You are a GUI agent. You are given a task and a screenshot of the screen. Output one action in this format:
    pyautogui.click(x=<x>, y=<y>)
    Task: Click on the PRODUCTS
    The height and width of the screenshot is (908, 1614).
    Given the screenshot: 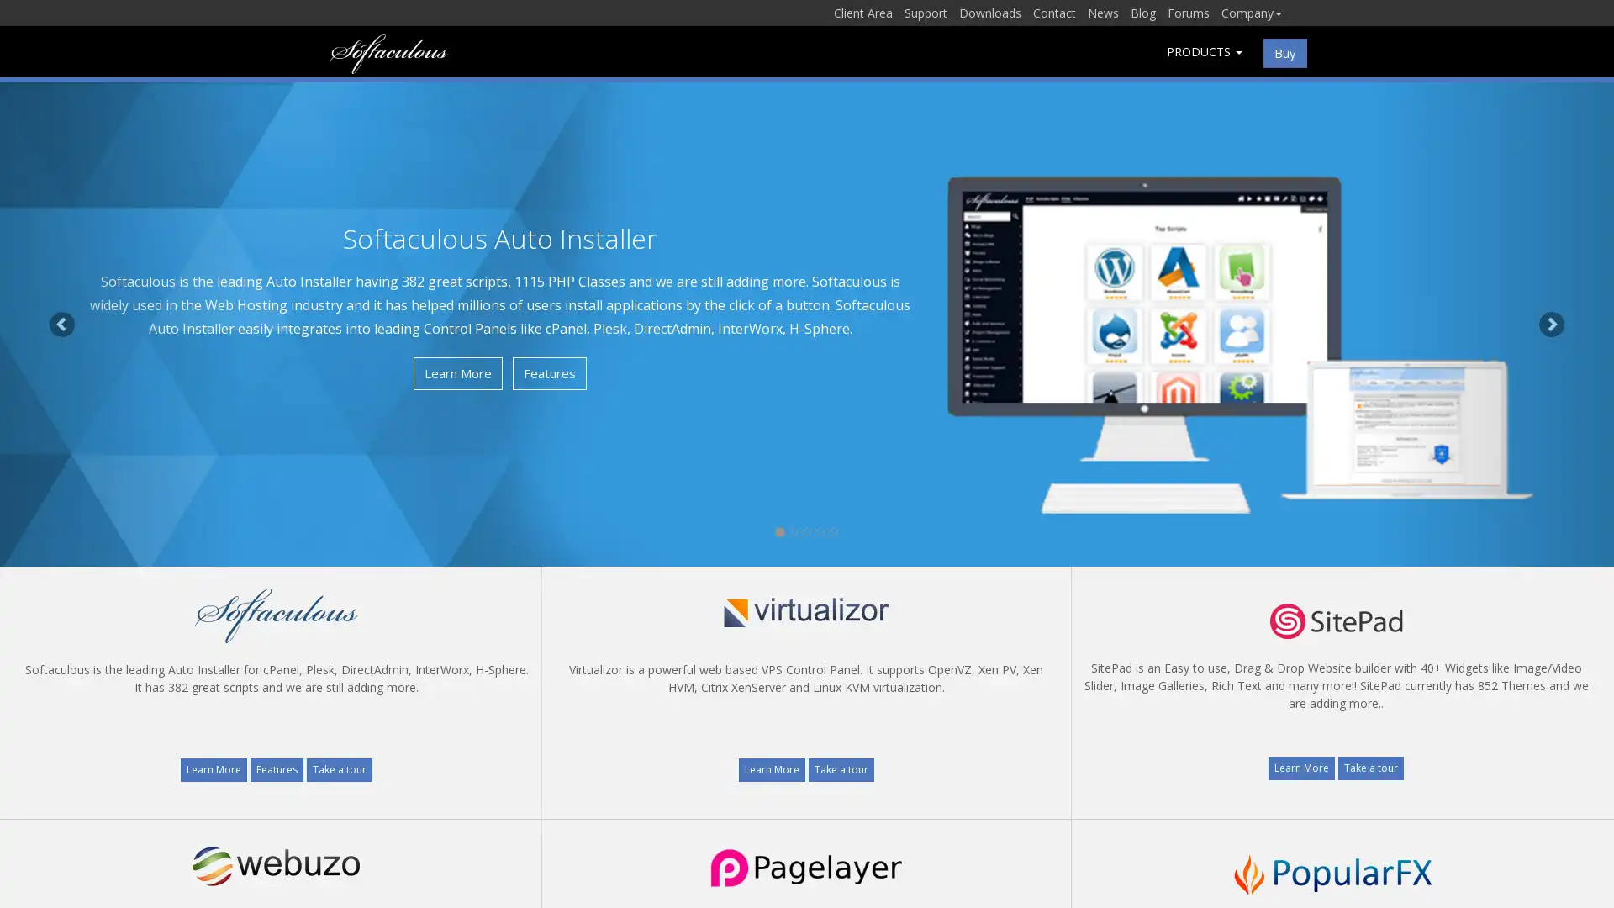 What is the action you would take?
    pyautogui.click(x=1204, y=50)
    